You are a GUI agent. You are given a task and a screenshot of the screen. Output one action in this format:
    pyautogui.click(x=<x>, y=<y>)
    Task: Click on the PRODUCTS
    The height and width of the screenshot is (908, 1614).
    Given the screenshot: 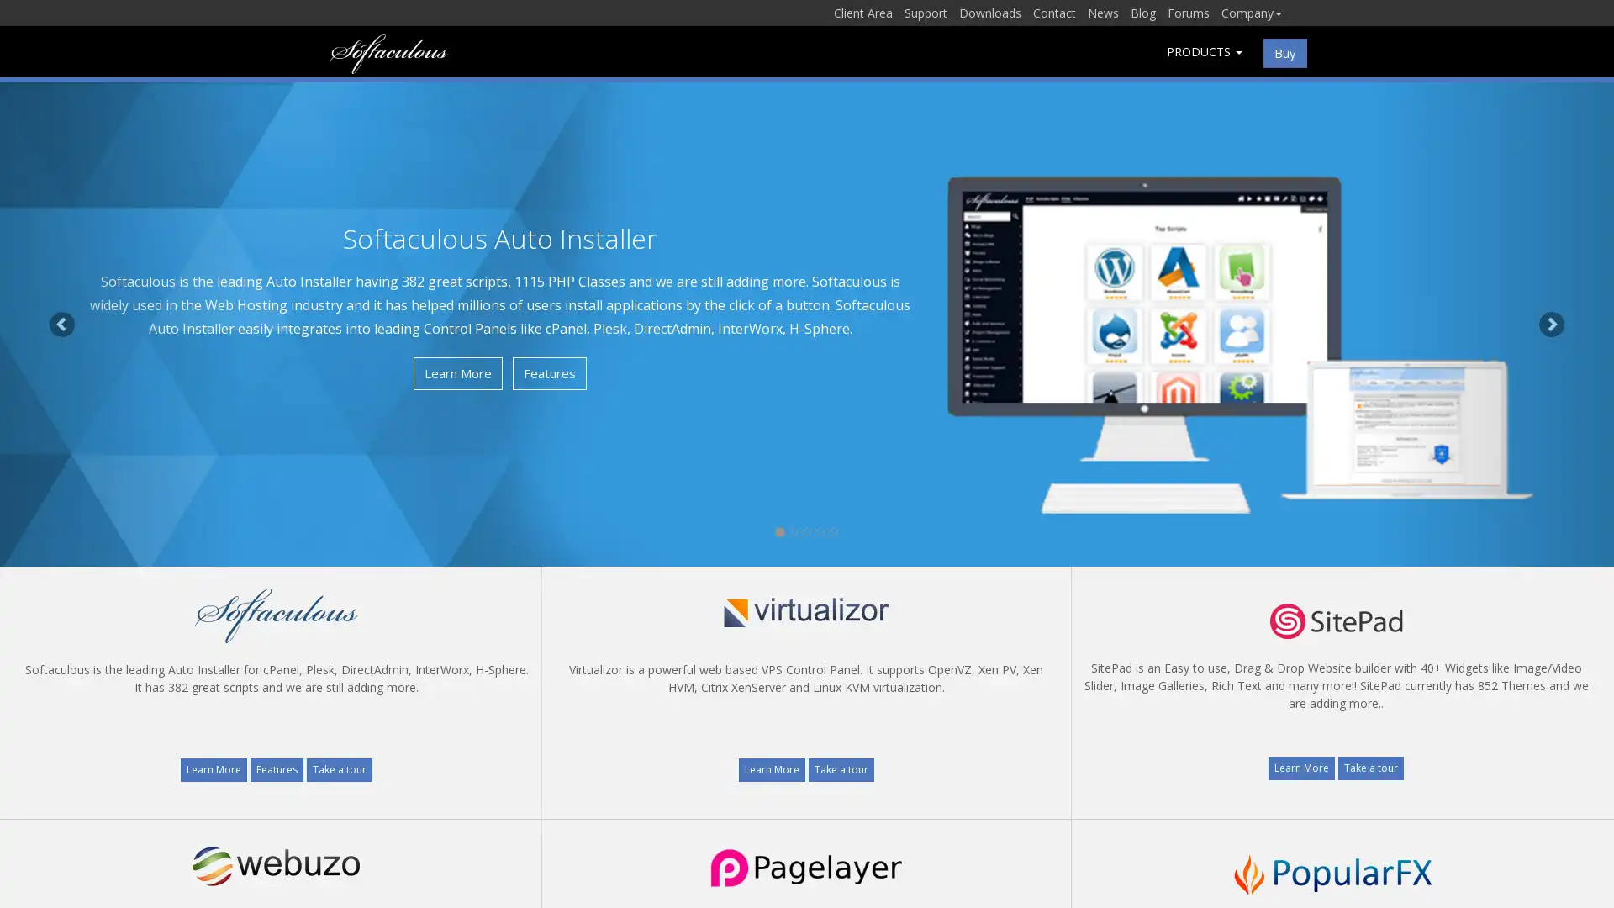 What is the action you would take?
    pyautogui.click(x=1204, y=50)
    